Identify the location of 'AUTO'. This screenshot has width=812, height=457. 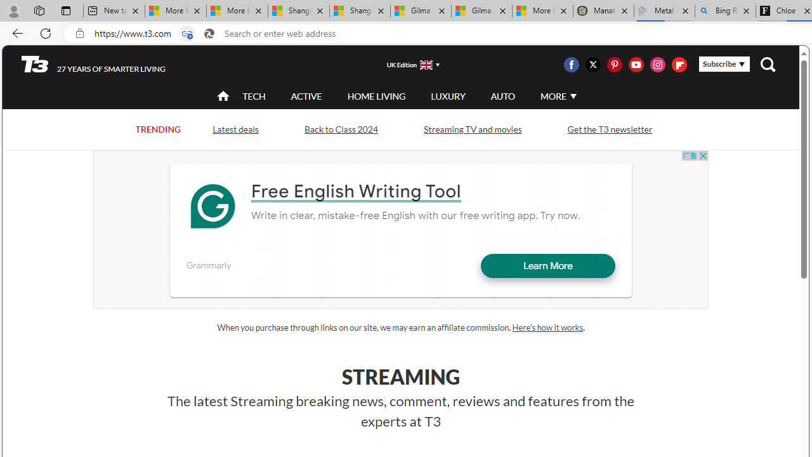
(502, 95).